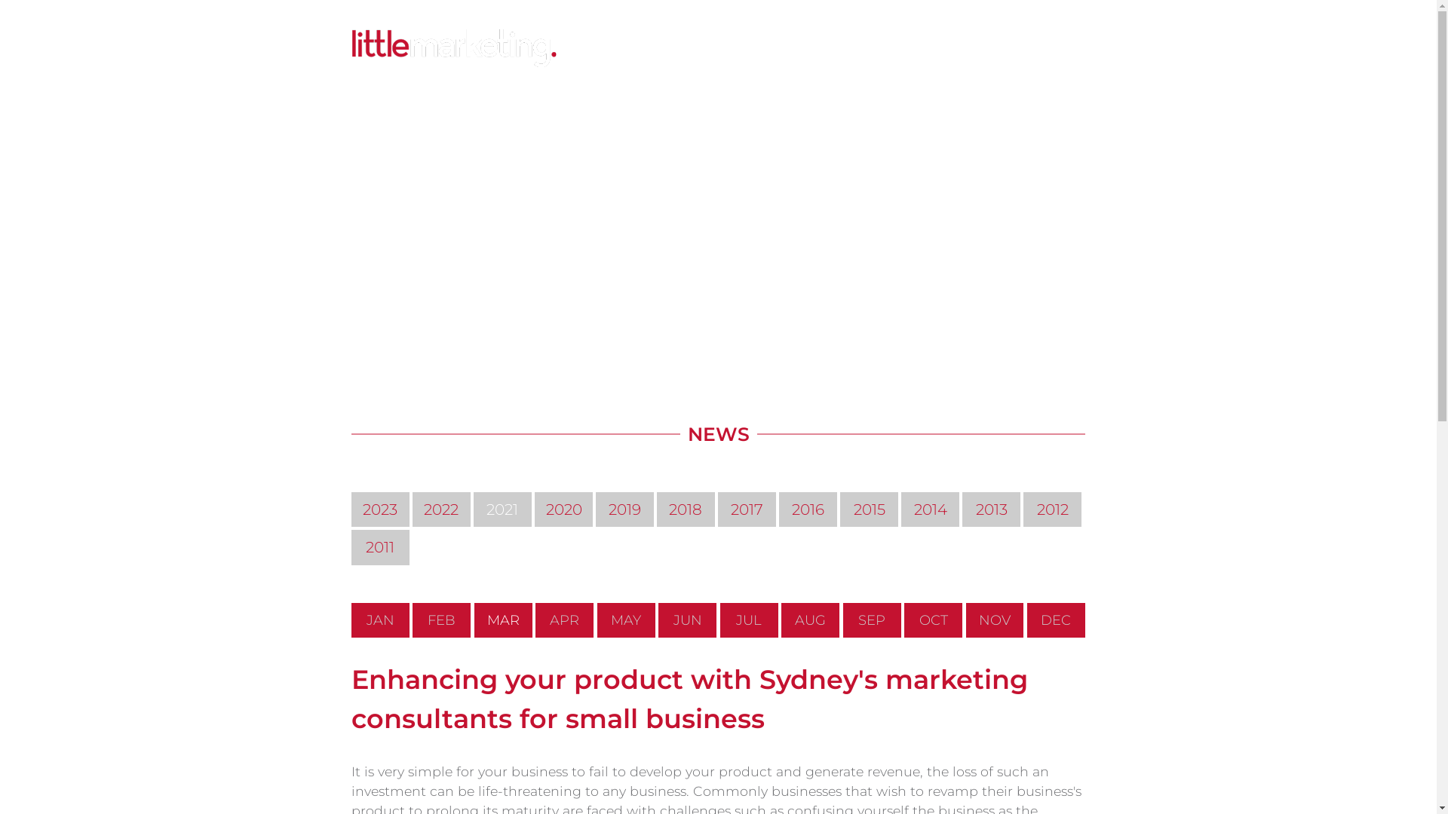 The image size is (1448, 814). I want to click on '2023', so click(380, 509).